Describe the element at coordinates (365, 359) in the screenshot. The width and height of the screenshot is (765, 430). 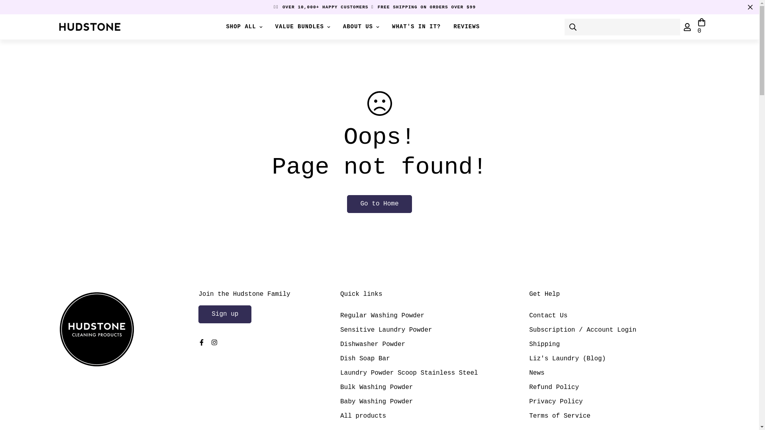
I see `'Dish Soap Bar'` at that location.